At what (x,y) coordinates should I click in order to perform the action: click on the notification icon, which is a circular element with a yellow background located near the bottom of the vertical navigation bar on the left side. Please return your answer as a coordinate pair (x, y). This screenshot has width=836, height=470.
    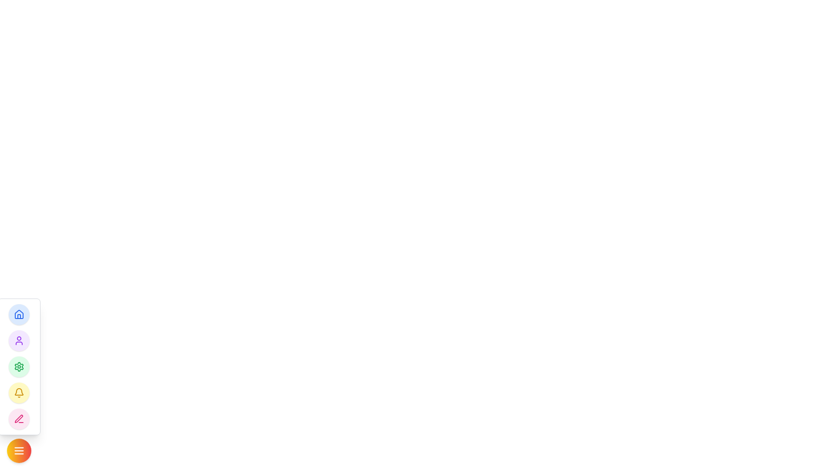
    Looking at the image, I should click on (19, 393).